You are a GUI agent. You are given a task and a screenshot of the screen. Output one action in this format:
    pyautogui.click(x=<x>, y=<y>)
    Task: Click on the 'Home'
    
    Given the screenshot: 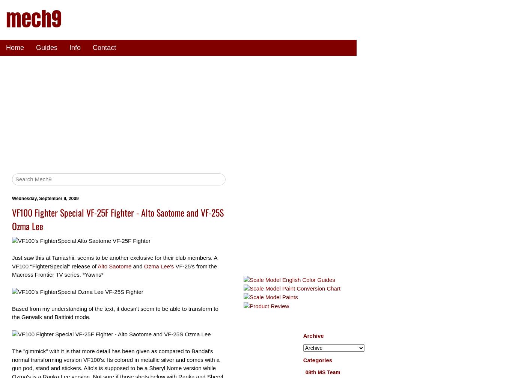 What is the action you would take?
    pyautogui.click(x=15, y=47)
    